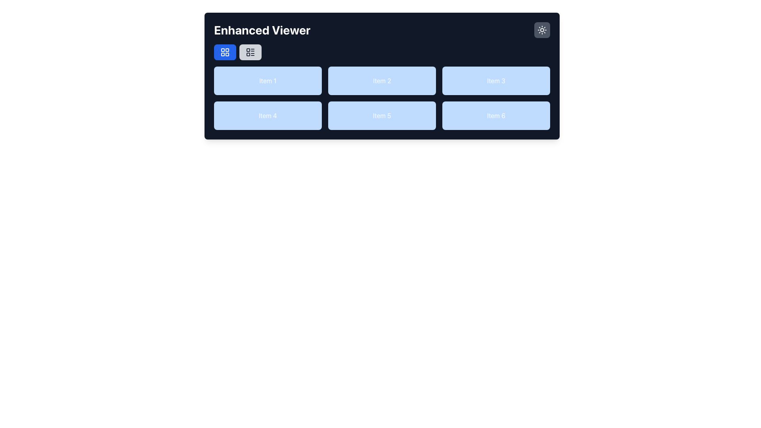 The image size is (761, 428). I want to click on the static text label displaying 'Item 5', which is the second item in the second row of the grid layout under 'Enhanced Viewer', so click(382, 97).